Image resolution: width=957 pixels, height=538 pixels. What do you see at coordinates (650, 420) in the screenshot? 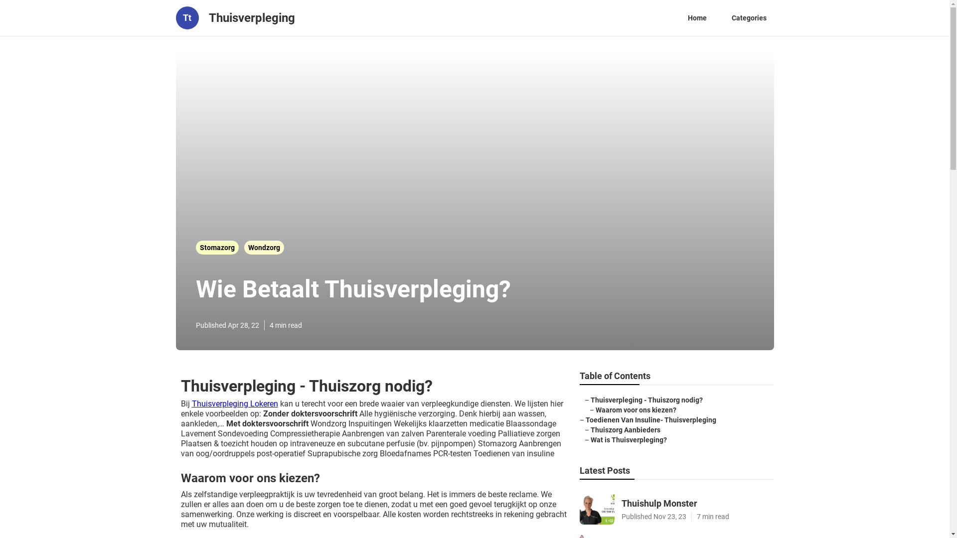
I see `'Toedienen Van Insuline- Thuisverpleging'` at bounding box center [650, 420].